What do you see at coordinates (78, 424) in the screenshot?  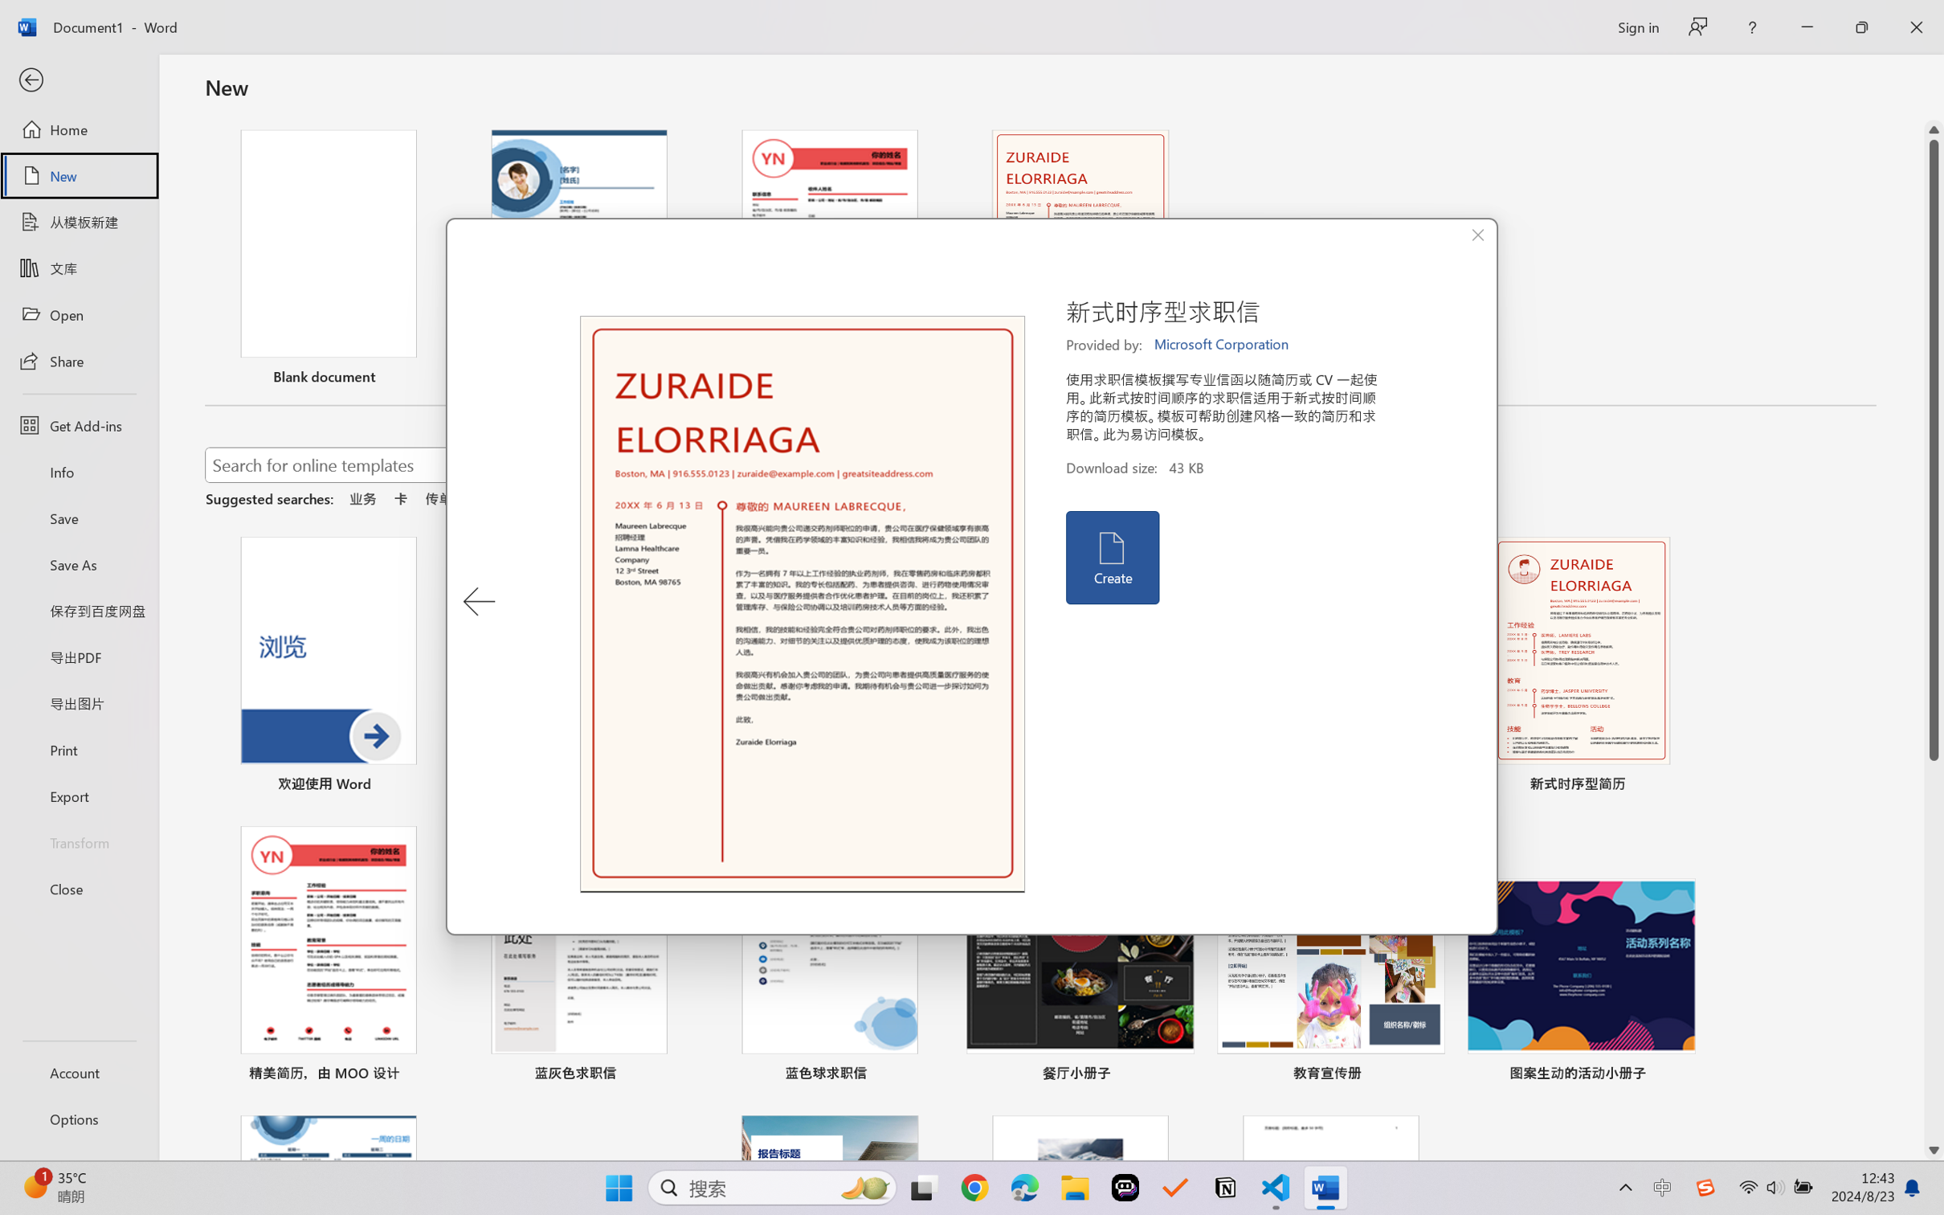 I see `'Get Add-ins'` at bounding box center [78, 424].